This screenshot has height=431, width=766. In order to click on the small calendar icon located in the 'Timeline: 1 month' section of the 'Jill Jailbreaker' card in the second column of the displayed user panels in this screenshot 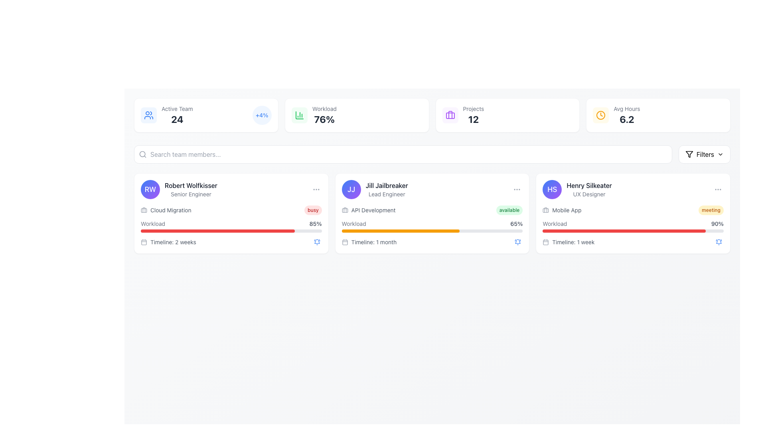, I will do `click(345, 241)`.